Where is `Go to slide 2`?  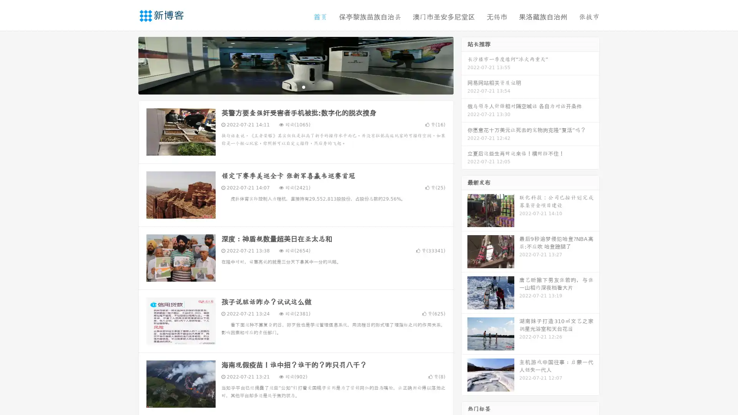
Go to slide 2 is located at coordinates (295, 86).